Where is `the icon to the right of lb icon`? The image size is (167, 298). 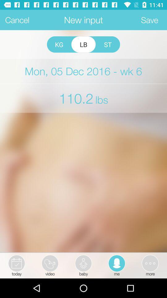 the icon to the right of lb icon is located at coordinates (107, 44).